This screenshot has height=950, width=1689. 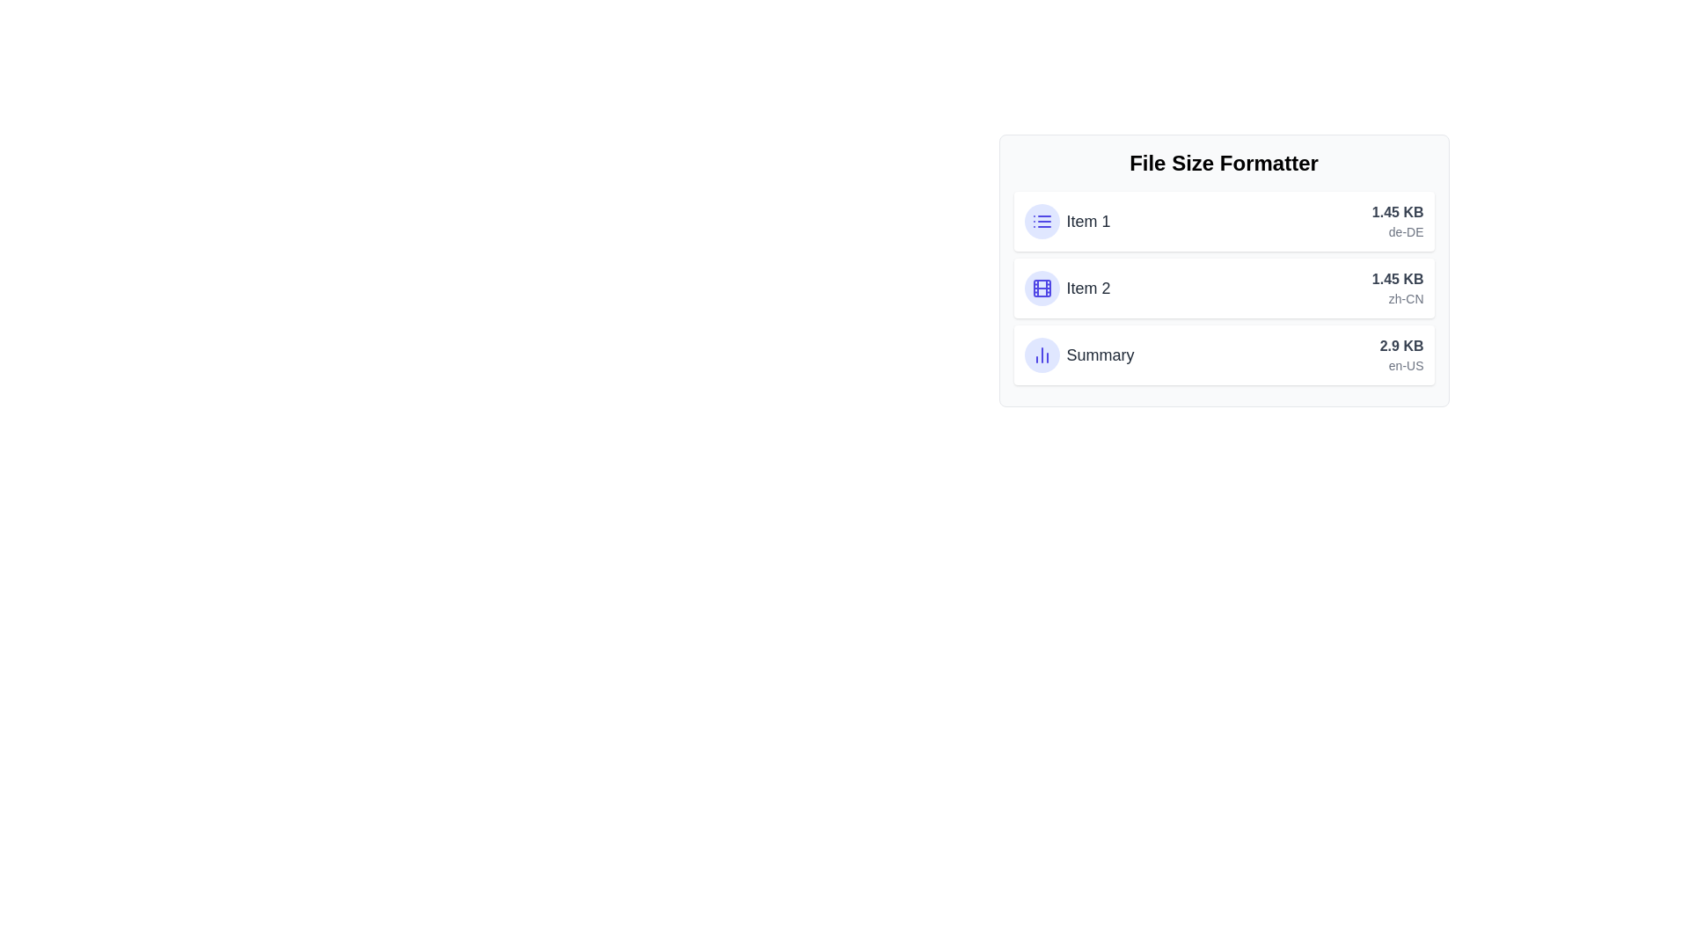 What do you see at coordinates (1400, 346) in the screenshot?
I see `the Text Label displaying '2.9 KB', which is bold and dark gray, located at the bottom of the right column of the table, next to the 'Summary' row label` at bounding box center [1400, 346].